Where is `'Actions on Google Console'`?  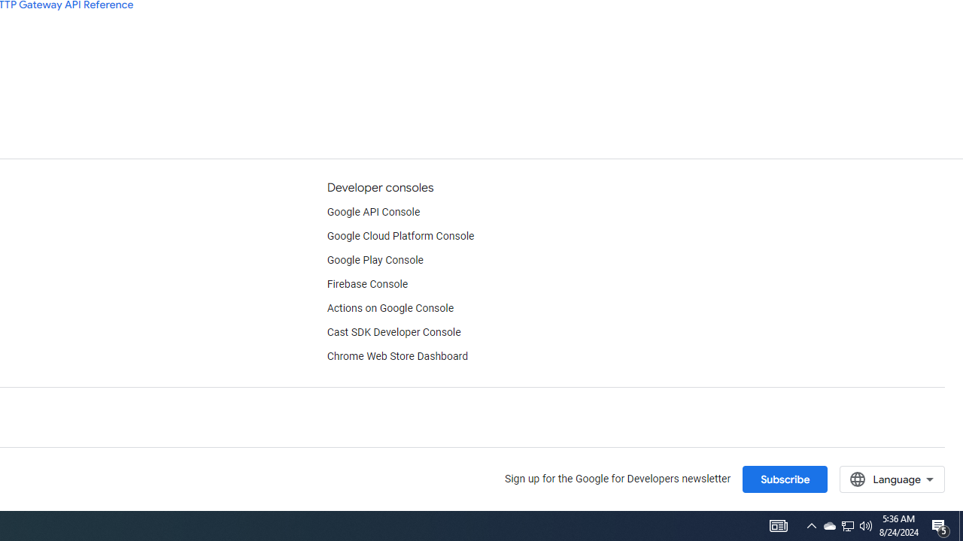
'Actions on Google Console' is located at coordinates (390, 308).